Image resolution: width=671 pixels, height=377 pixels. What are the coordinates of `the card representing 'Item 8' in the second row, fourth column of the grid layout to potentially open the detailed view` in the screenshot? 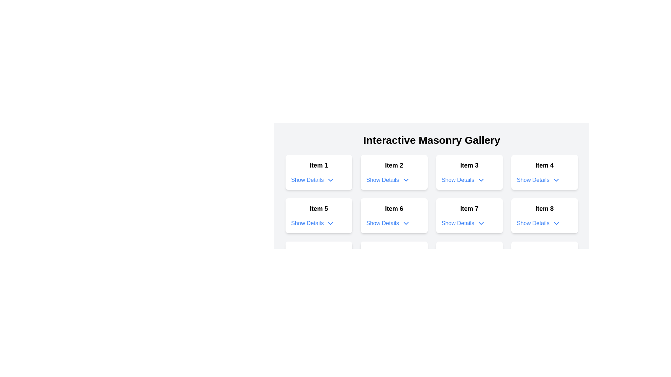 It's located at (544, 215).